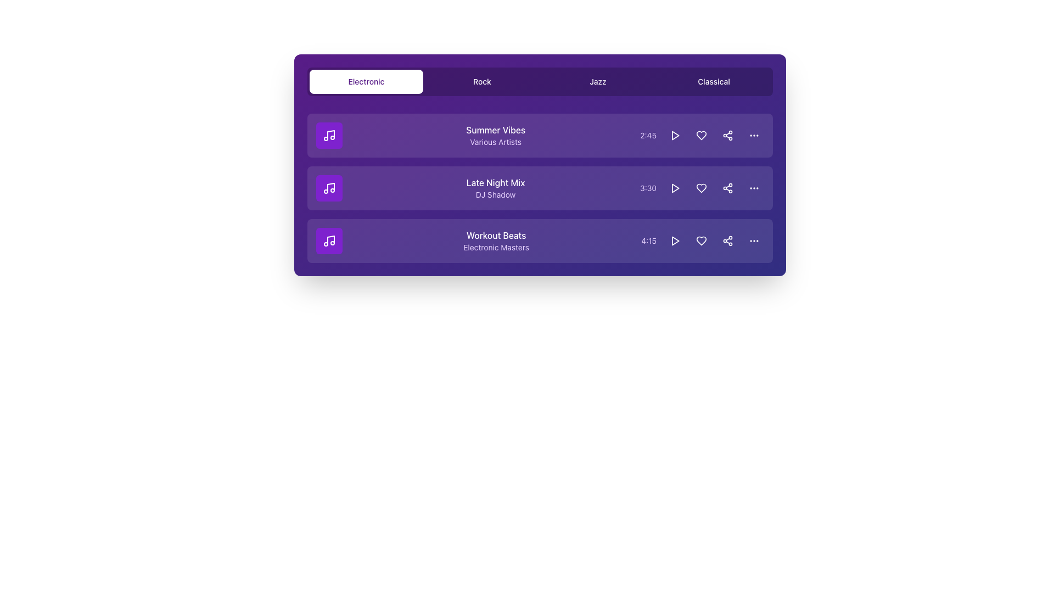 This screenshot has width=1054, height=593. I want to click on the vertical line graphical component of the music note icon, which signifies music-related content at the bottom-most item in the list of music tracks, so click(330, 239).